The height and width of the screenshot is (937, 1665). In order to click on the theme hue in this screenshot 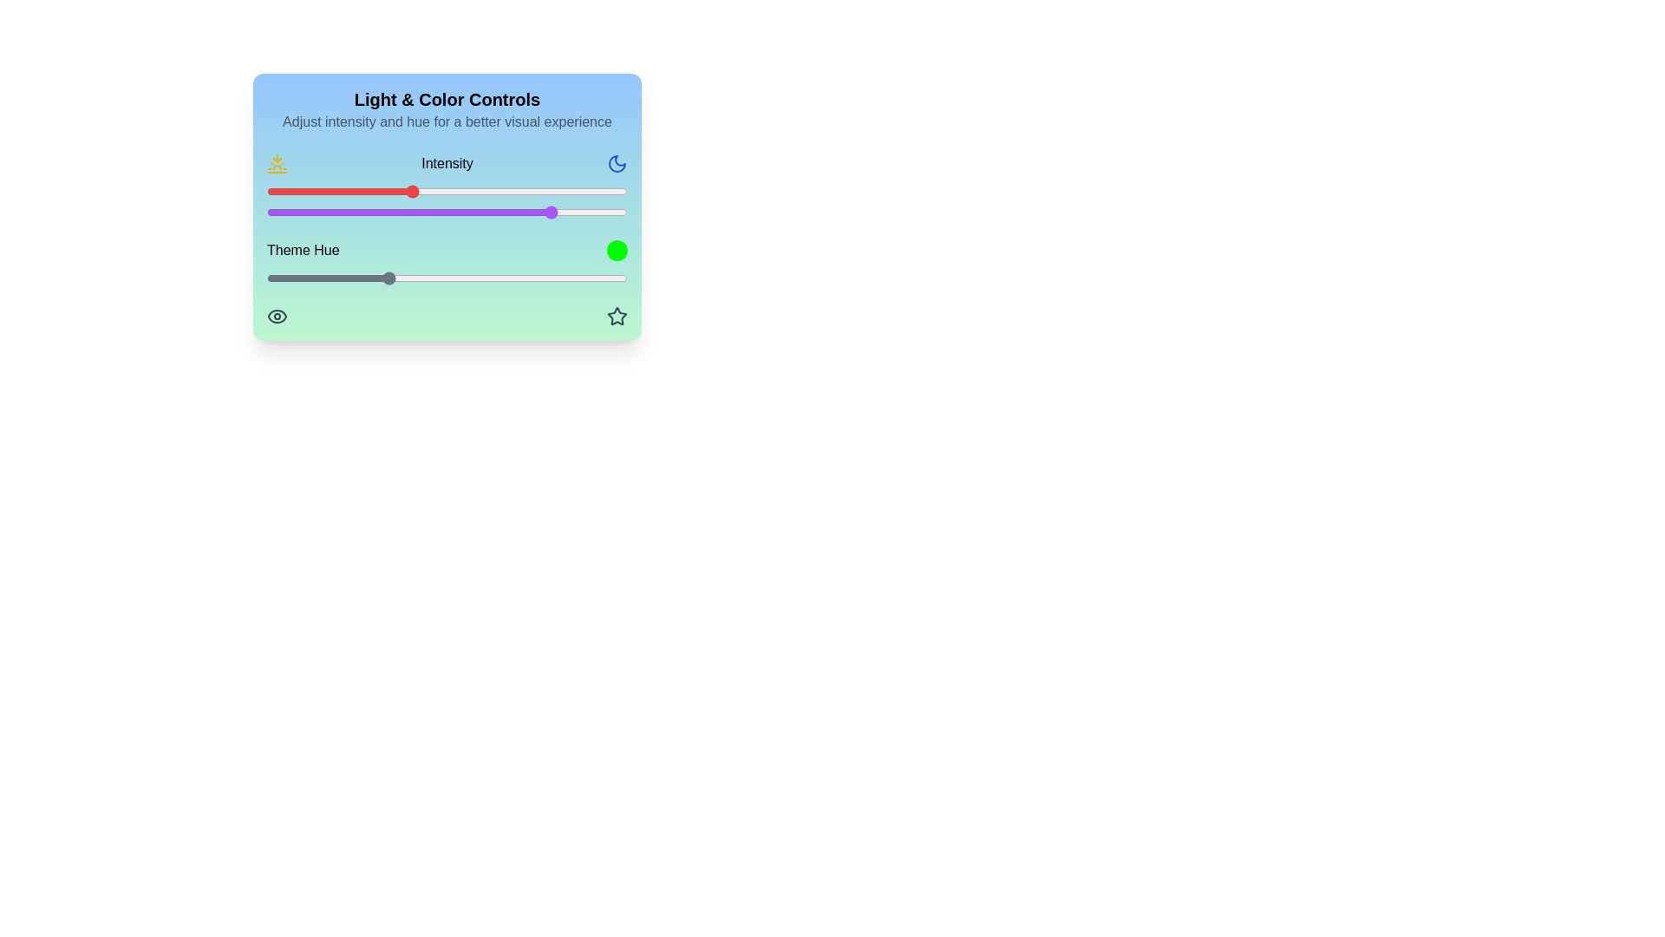, I will do `click(343, 277)`.